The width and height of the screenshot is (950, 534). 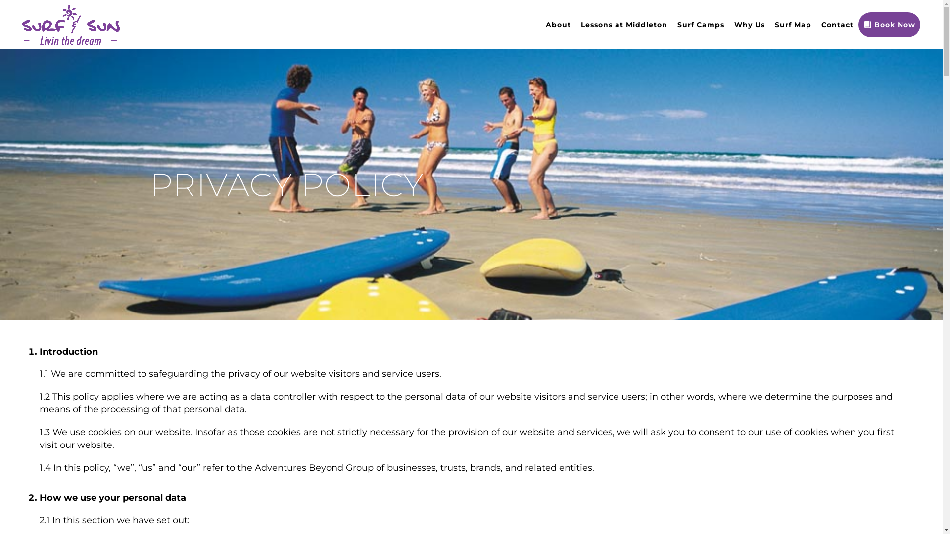 What do you see at coordinates (558, 24) in the screenshot?
I see `'About'` at bounding box center [558, 24].